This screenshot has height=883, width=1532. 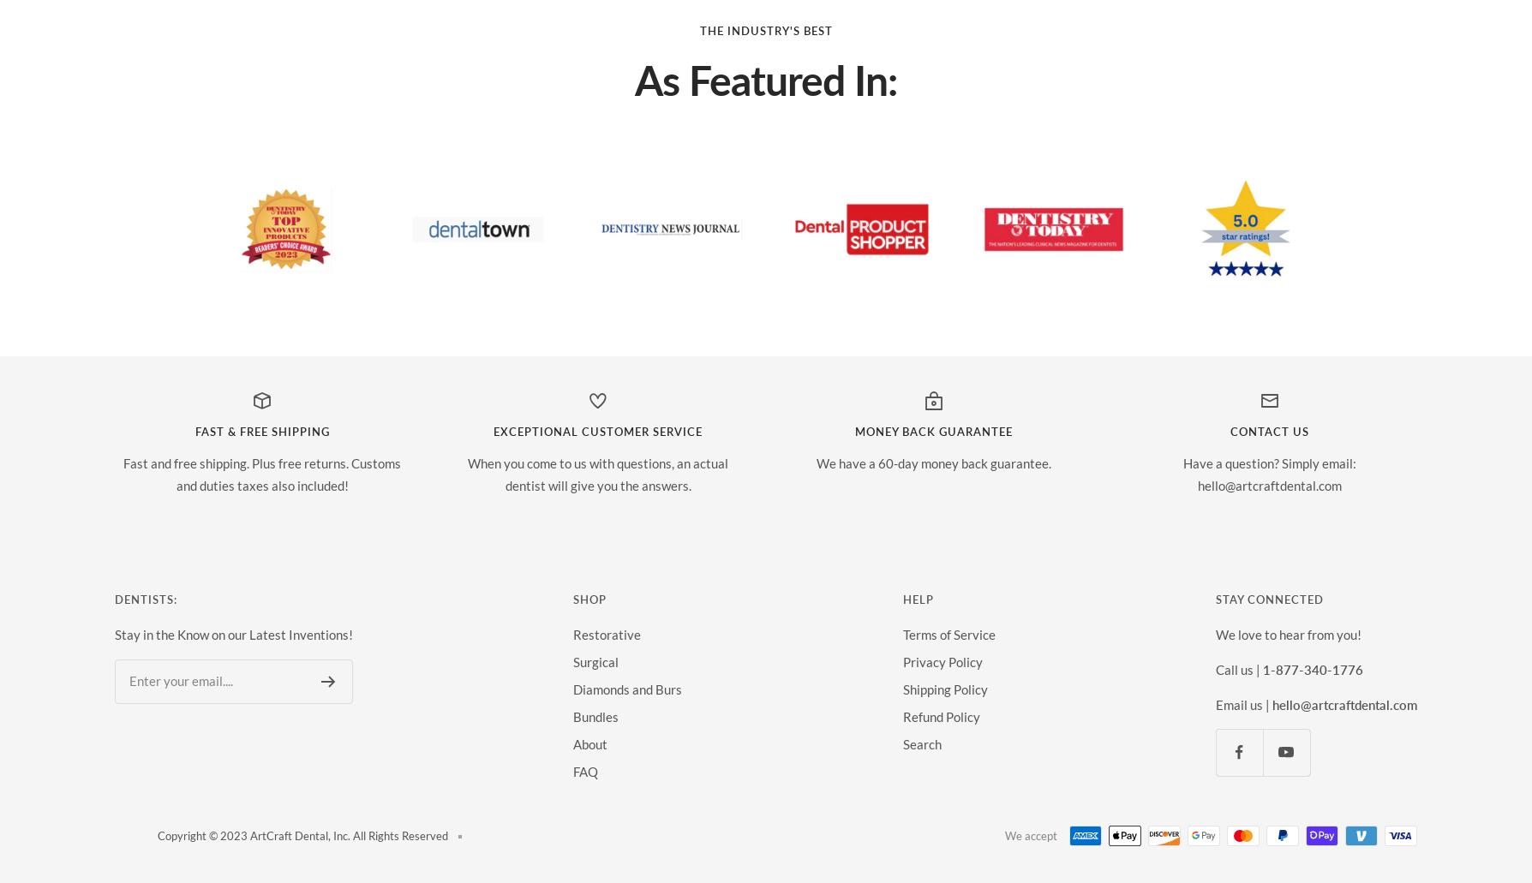 I want to click on 'Copyright © 2023 ArtCraft Dental, Inc. All Rights Reserved', so click(x=157, y=834).